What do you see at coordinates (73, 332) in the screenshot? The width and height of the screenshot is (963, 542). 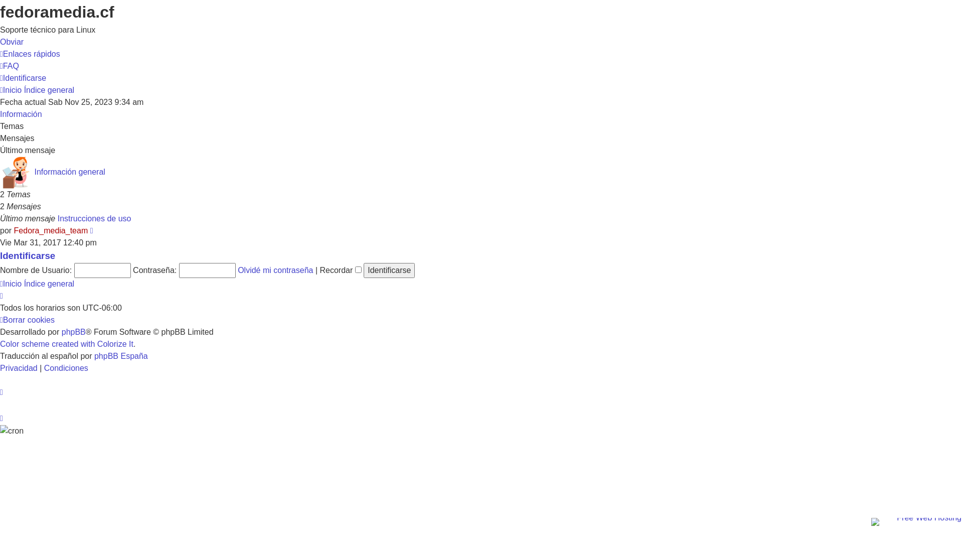 I see `'phpBB'` at bounding box center [73, 332].